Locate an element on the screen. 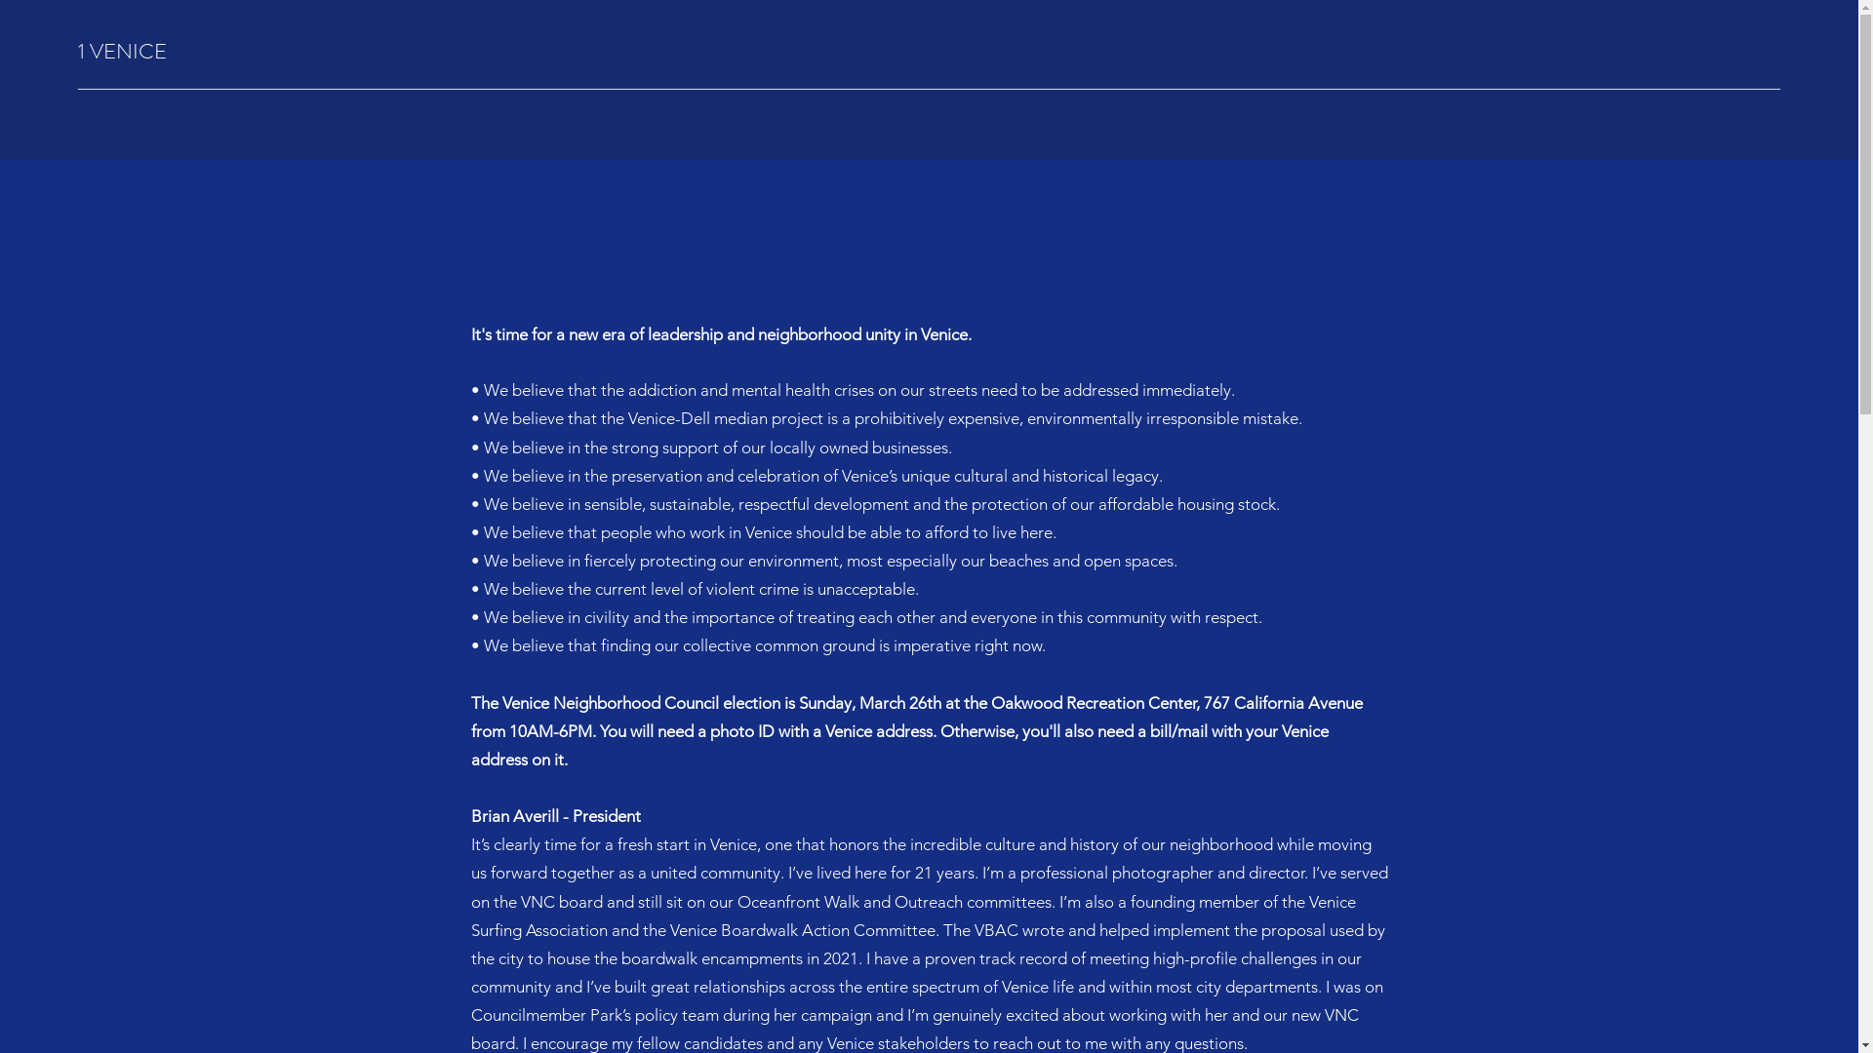 This screenshot has width=1873, height=1053. '1 VENICE' is located at coordinates (121, 50).